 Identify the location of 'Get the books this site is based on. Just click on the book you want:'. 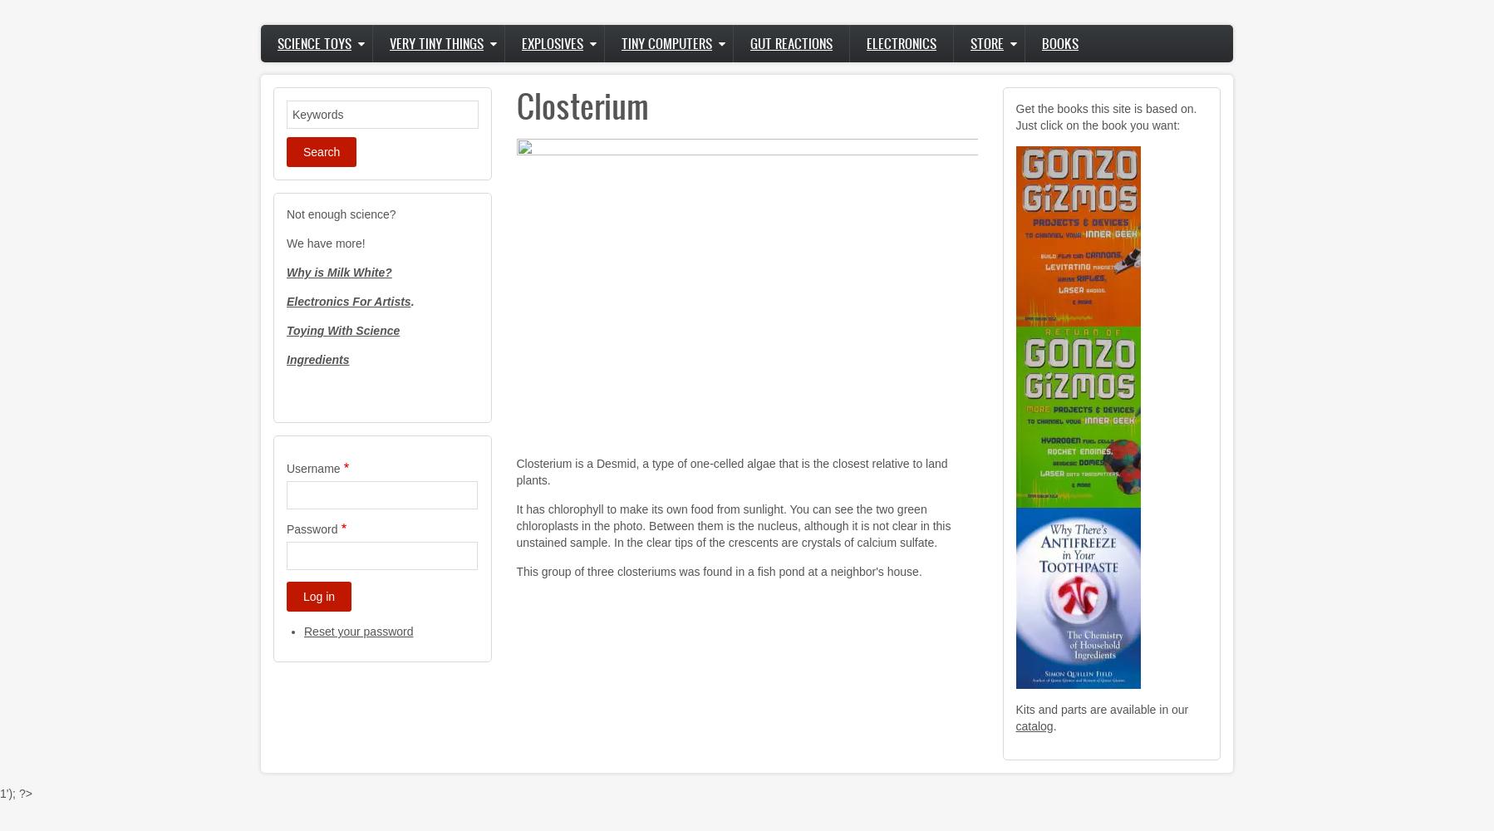
(1105, 117).